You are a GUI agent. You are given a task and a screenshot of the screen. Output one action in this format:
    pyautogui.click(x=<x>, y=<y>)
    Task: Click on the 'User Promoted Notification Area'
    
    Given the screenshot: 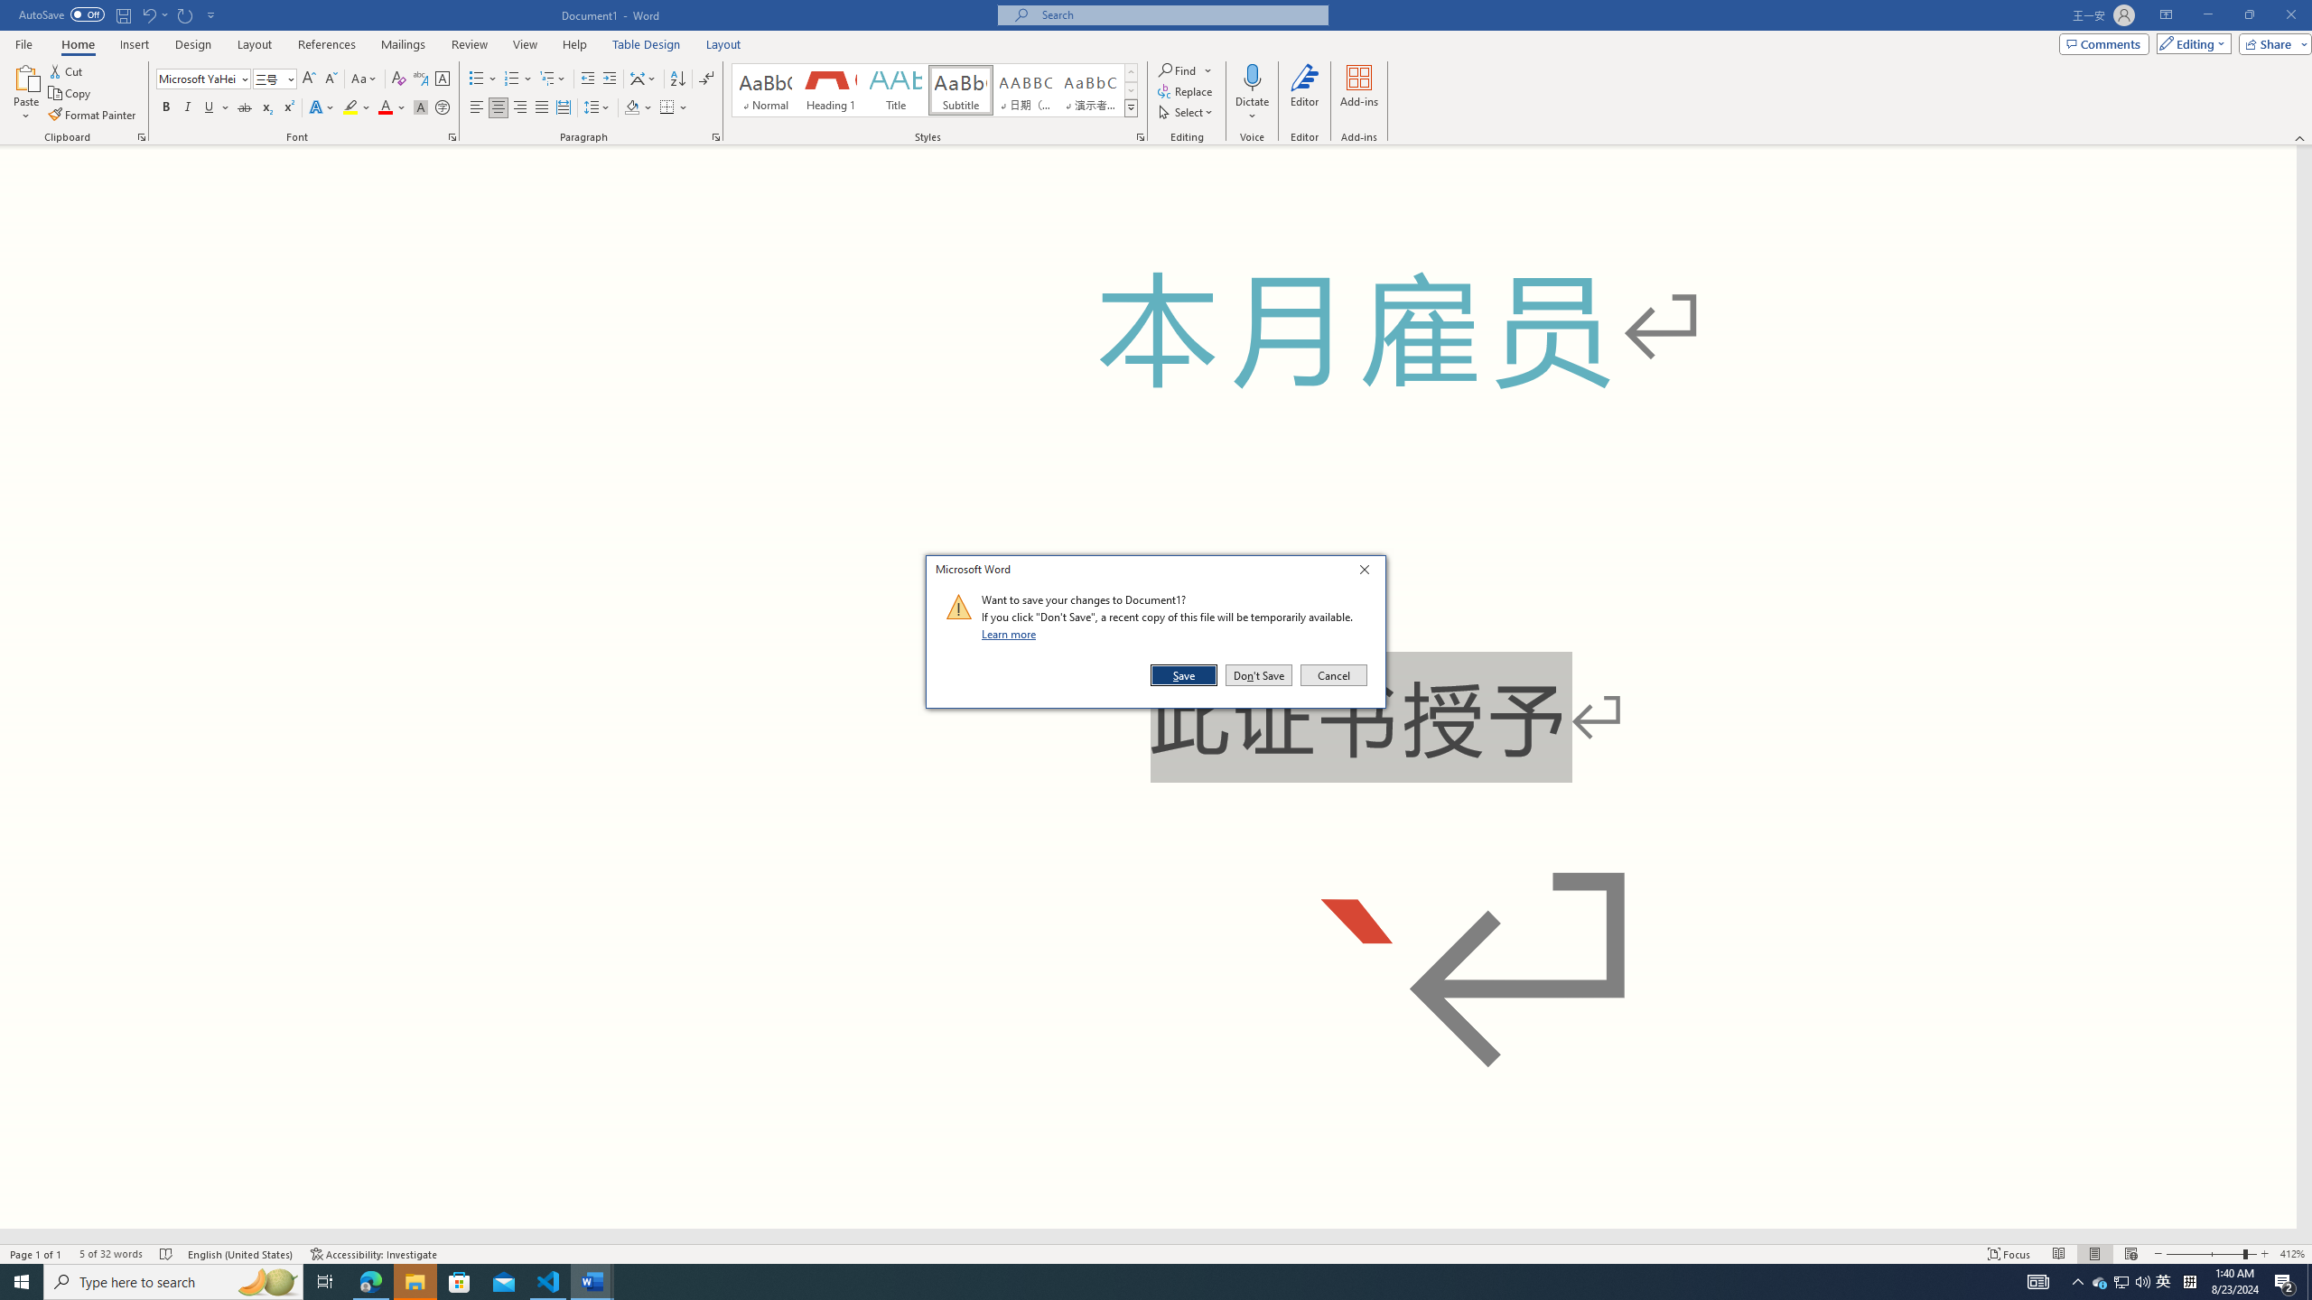 What is the action you would take?
    pyautogui.click(x=2121, y=1280)
    